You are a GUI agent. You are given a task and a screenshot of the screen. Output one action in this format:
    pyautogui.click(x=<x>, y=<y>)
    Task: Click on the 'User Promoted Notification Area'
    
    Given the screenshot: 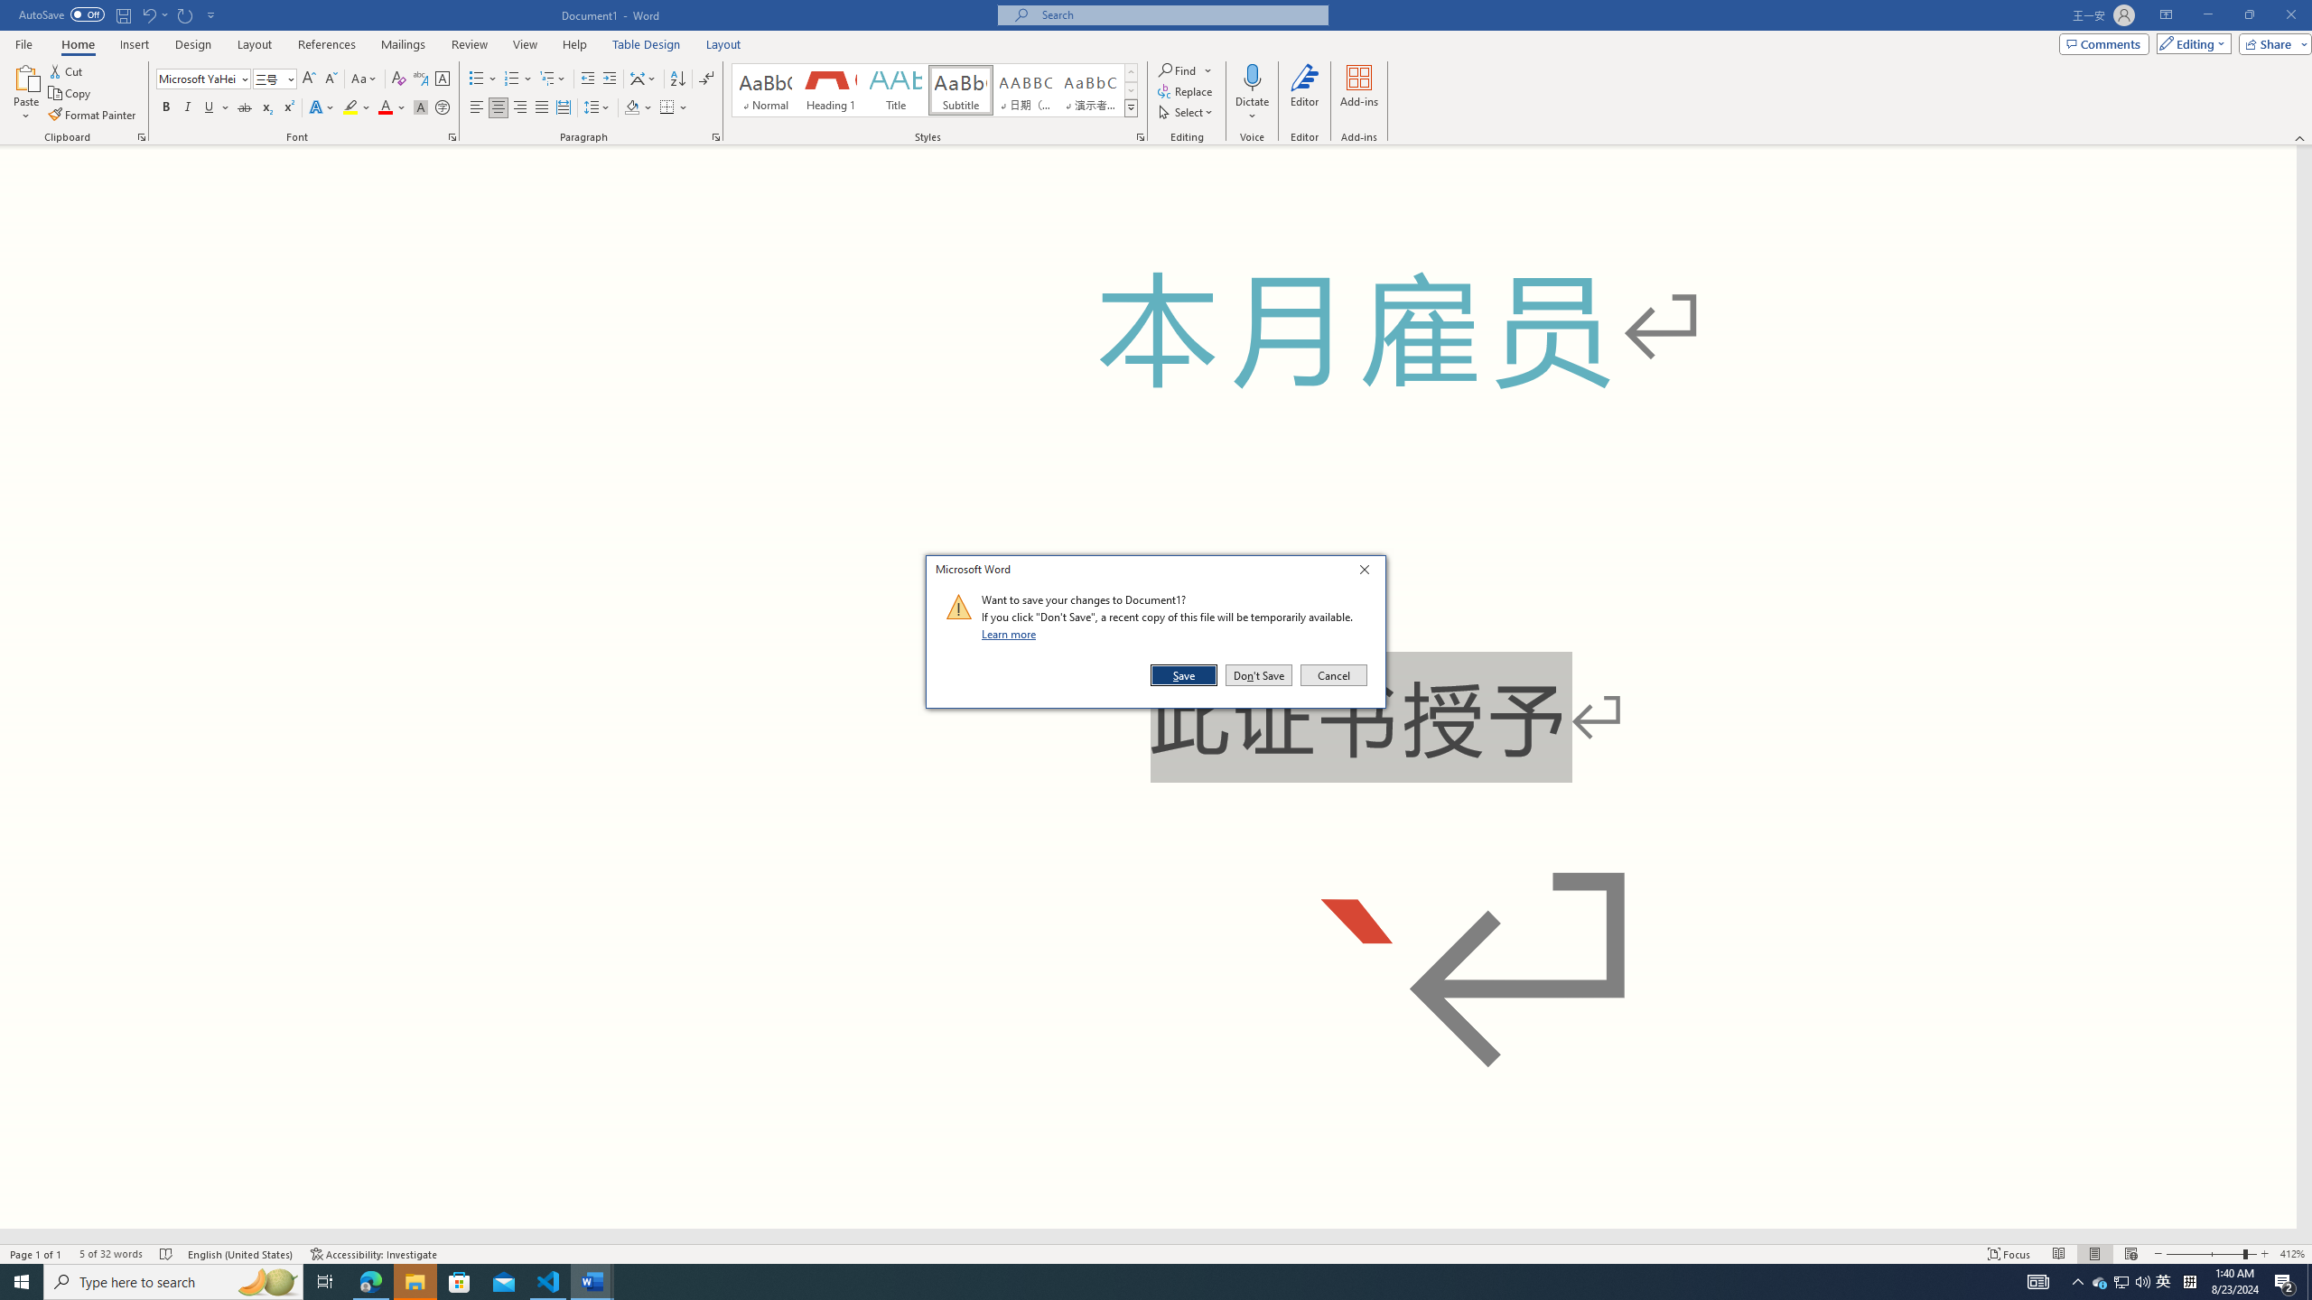 What is the action you would take?
    pyautogui.click(x=2121, y=1280)
    